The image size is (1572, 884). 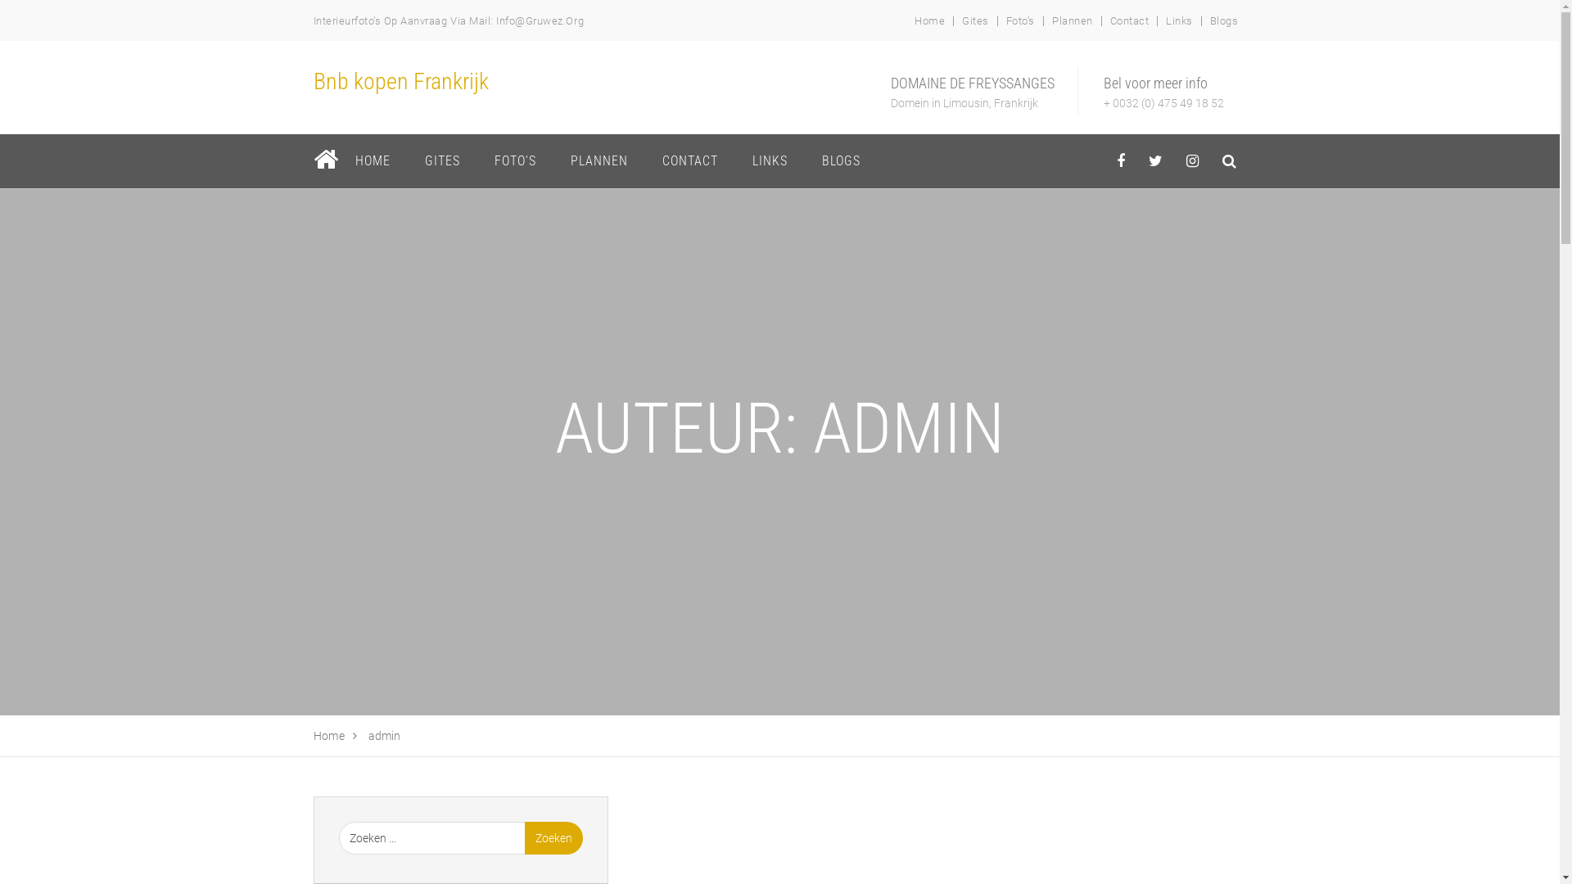 I want to click on 'behance', so click(x=1211, y=160).